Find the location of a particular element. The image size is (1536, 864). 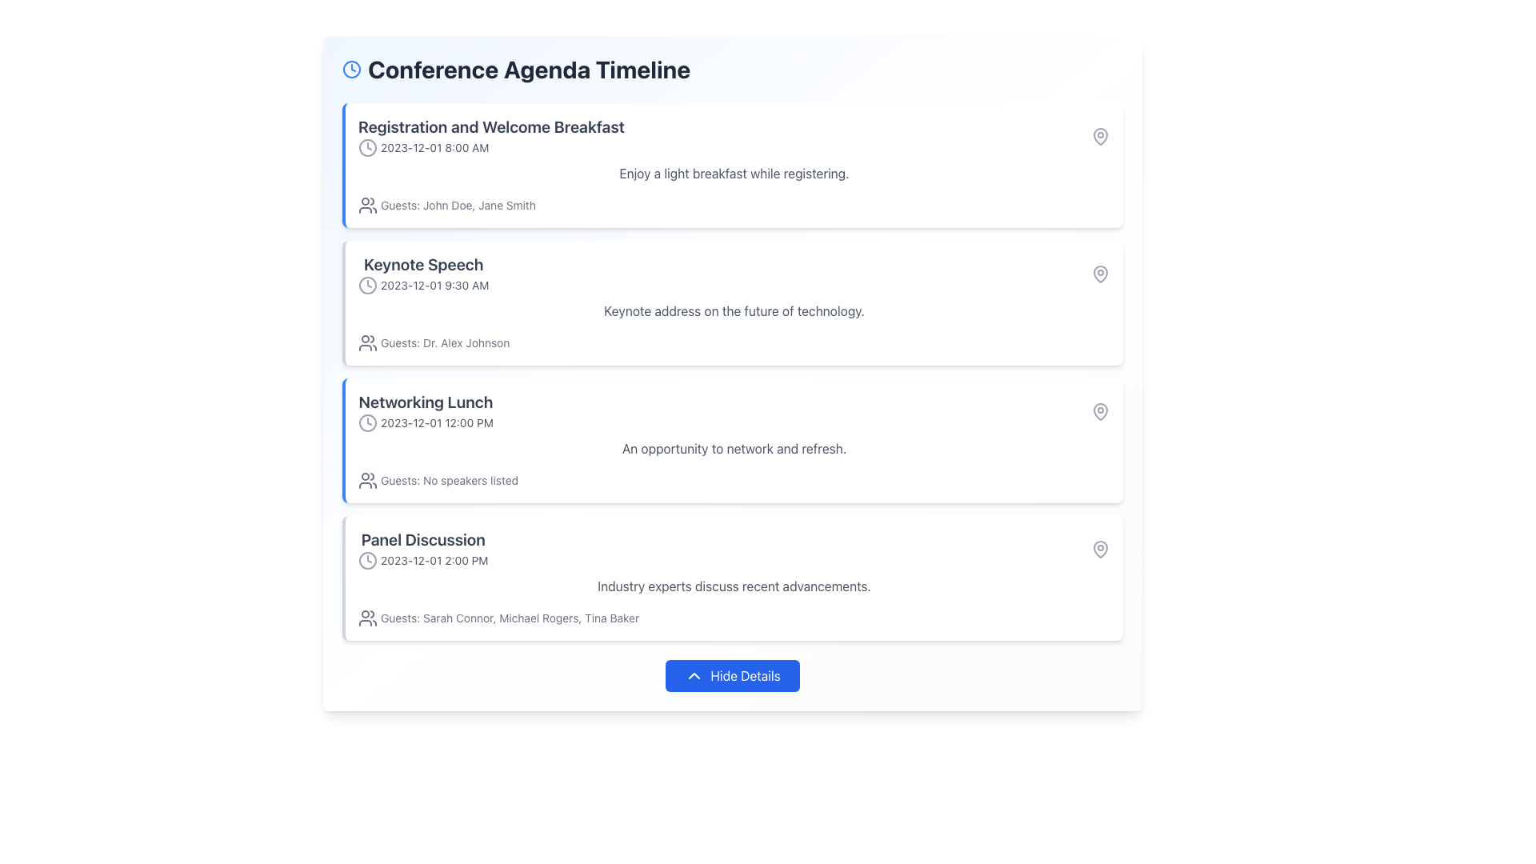

the Text label with an icon that displays the date and time for the 'Panel Discussion' event in the conference agenda, located below the 'Panel Discussion' title in the fourth panel is located at coordinates (423, 560).